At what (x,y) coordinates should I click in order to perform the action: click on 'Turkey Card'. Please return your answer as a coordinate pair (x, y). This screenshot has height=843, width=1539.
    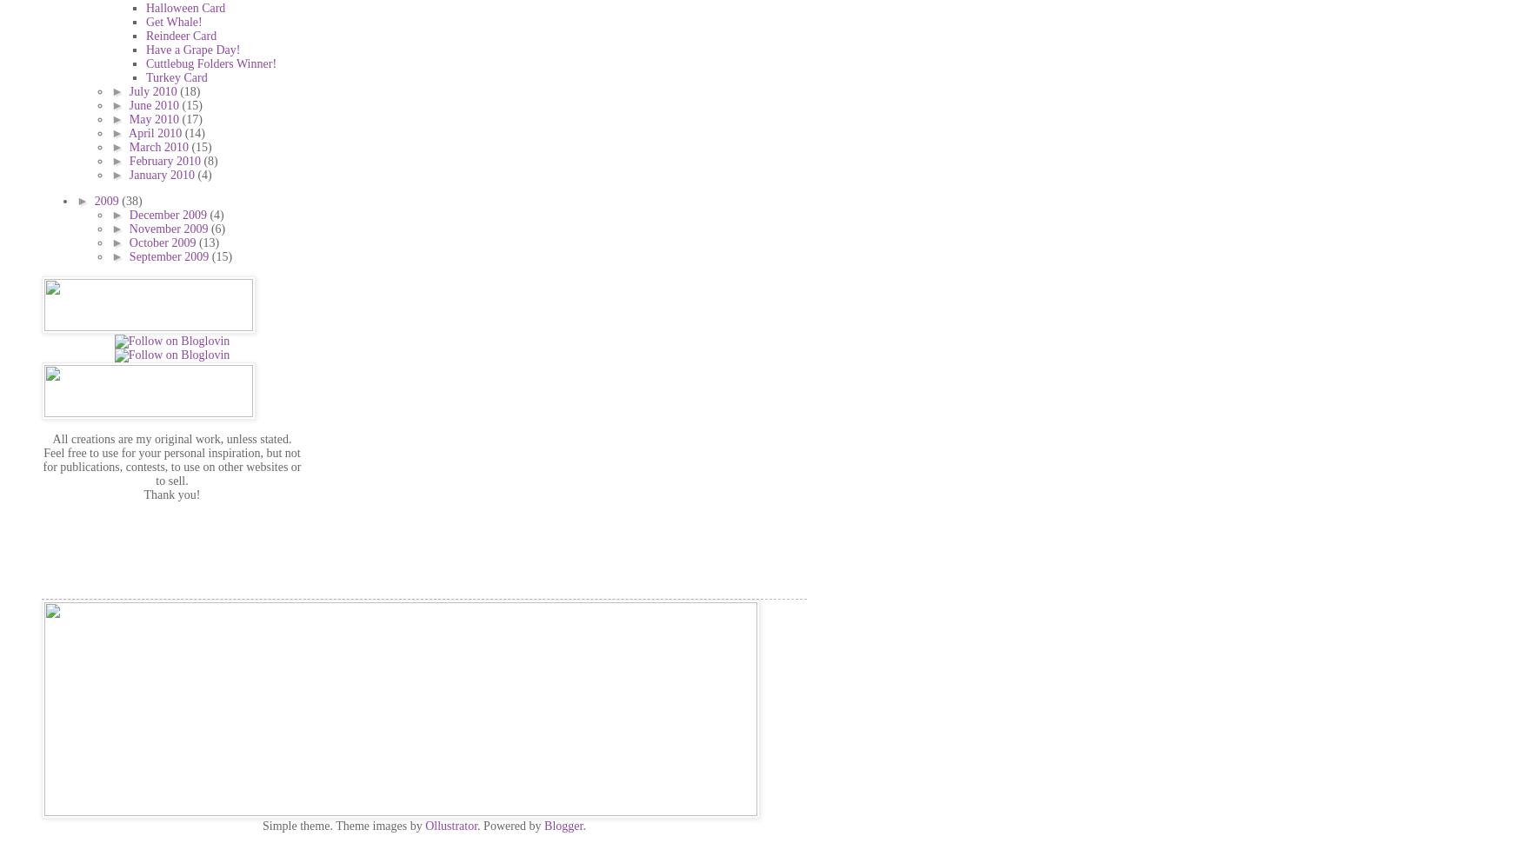
    Looking at the image, I should click on (177, 76).